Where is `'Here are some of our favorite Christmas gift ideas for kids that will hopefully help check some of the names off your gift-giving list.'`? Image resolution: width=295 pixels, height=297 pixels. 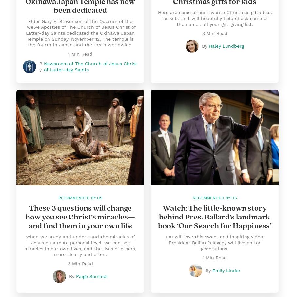 'Here are some of our favorite Christmas gift ideas for kids that will hopefully help check some of the names off your gift-giving list.' is located at coordinates (214, 18).